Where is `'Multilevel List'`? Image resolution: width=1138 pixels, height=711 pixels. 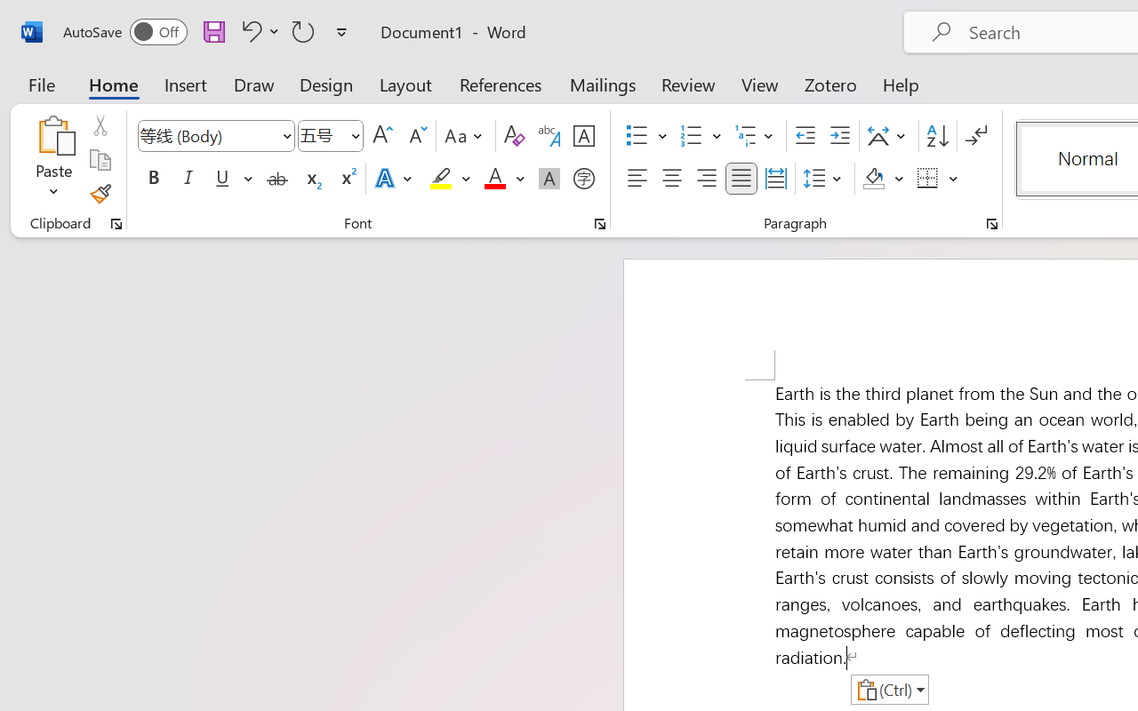
'Multilevel List' is located at coordinates (756, 136).